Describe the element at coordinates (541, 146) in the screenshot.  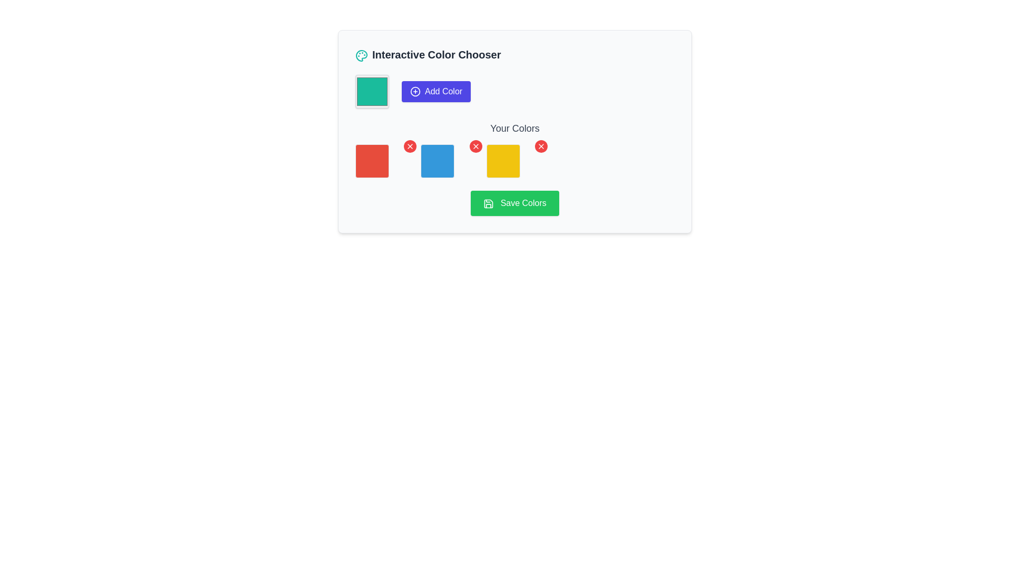
I see `the red circular delete button with a cross ('X') icon located in the top-right corner of the yellow color swatch in the 'Your Colors' section` at that location.